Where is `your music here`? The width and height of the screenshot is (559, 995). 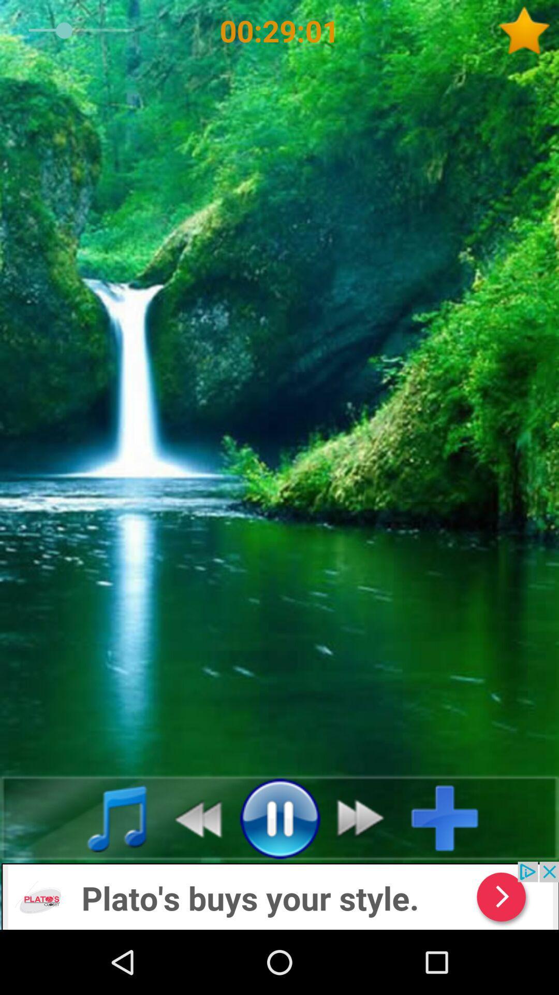
your music here is located at coordinates (452, 817).